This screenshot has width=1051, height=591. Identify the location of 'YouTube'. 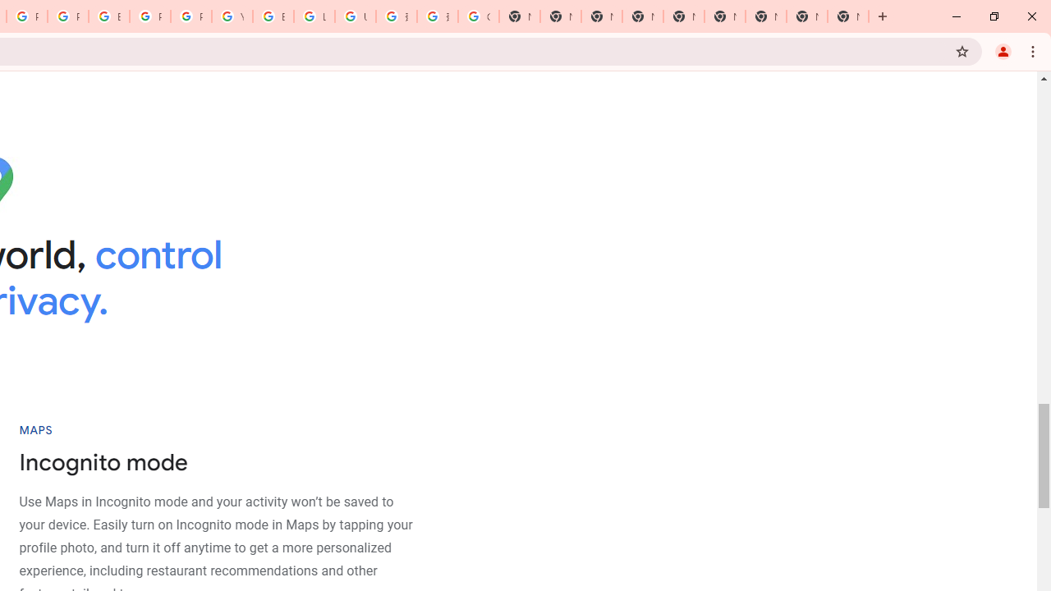
(232, 16).